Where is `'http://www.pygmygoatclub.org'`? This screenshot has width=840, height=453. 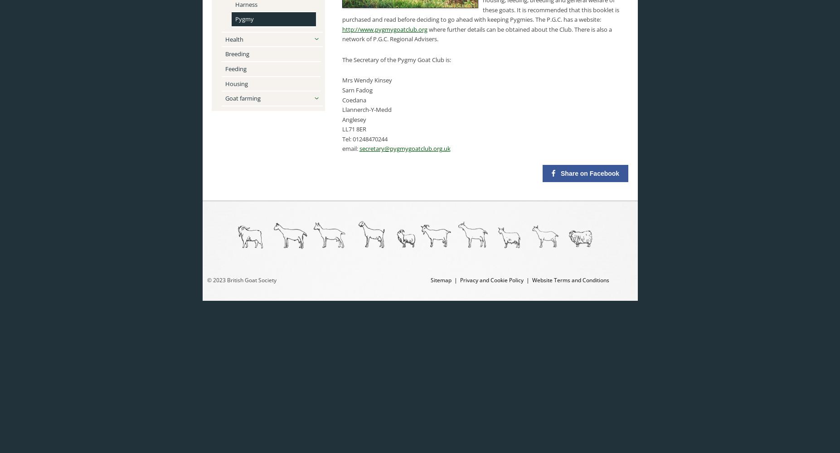 'http://www.pygmygoatclub.org' is located at coordinates (341, 29).